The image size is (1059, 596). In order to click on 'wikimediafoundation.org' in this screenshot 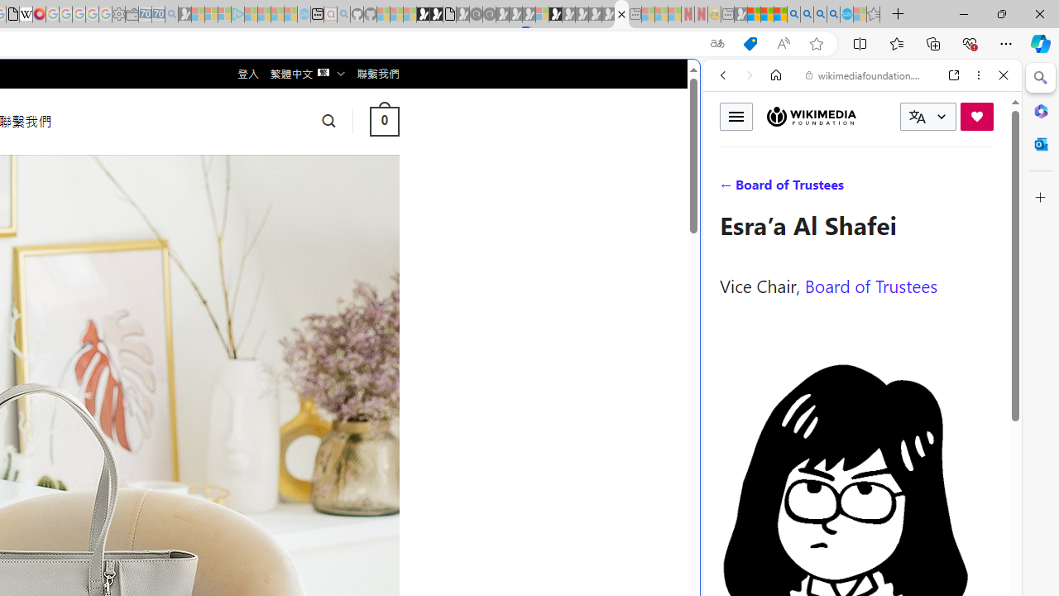, I will do `click(865, 75)`.